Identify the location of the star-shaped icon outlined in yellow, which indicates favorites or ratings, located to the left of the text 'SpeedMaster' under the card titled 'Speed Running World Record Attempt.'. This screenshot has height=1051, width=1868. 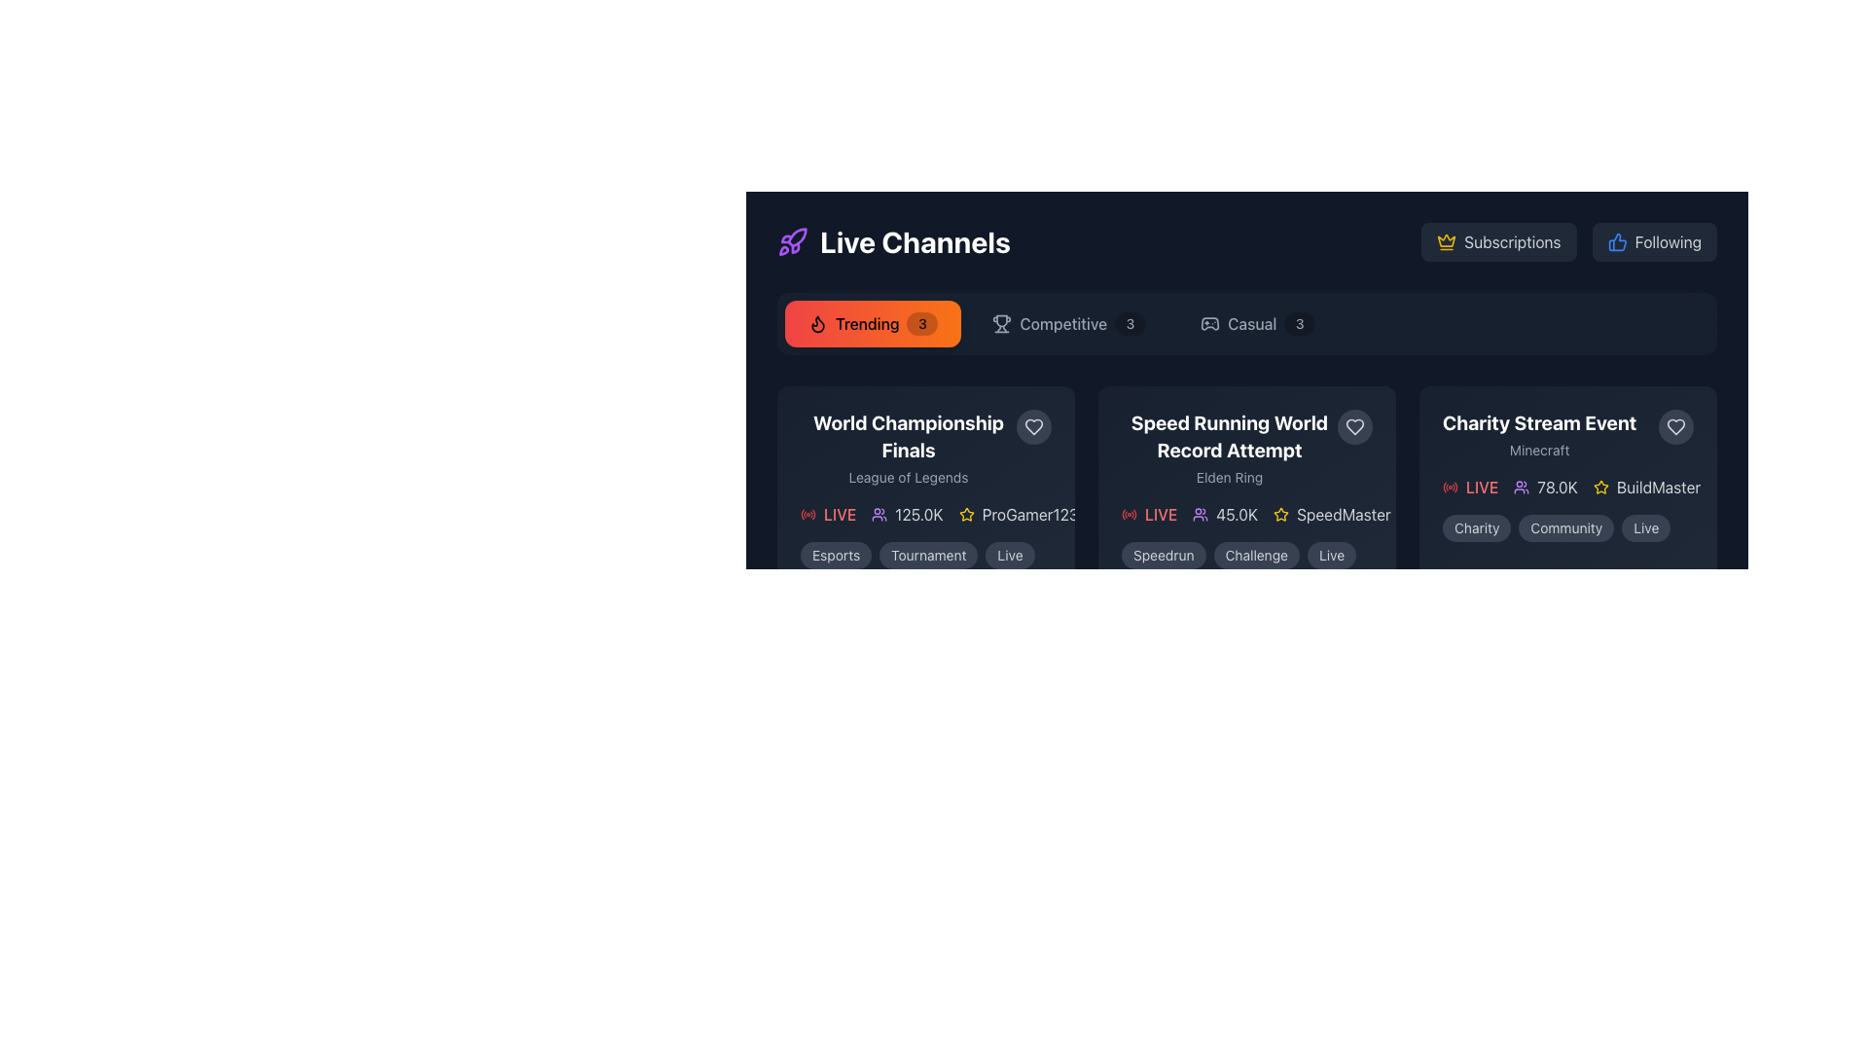
(1281, 513).